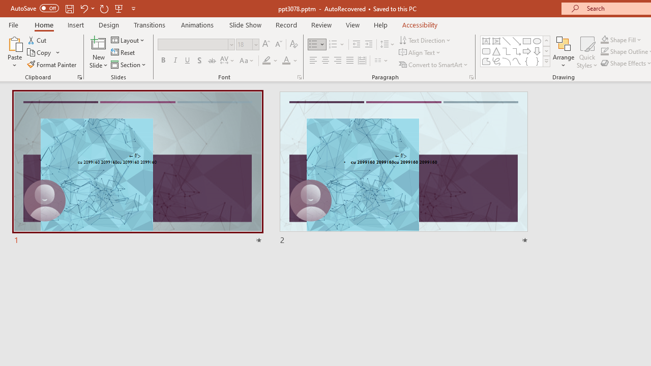 The image size is (651, 366). What do you see at coordinates (163, 60) in the screenshot?
I see `'Bold'` at bounding box center [163, 60].